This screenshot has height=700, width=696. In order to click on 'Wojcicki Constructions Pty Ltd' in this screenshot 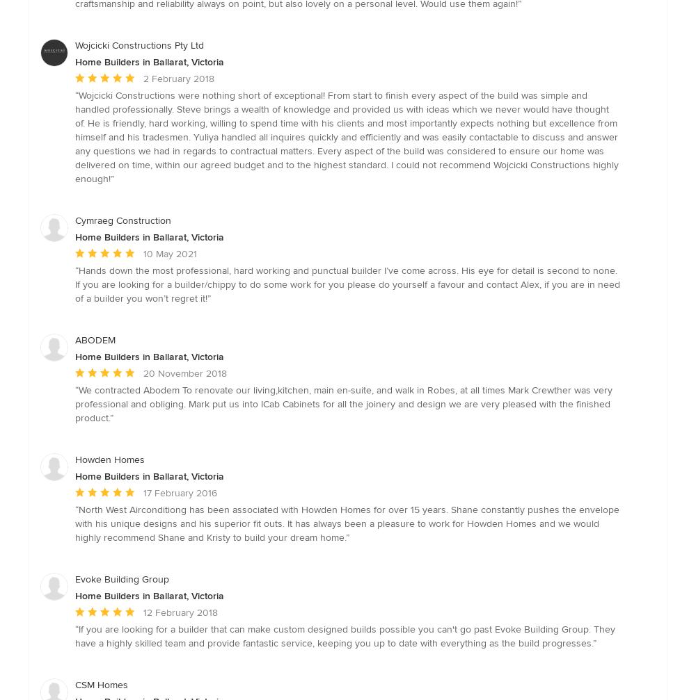, I will do `click(74, 44)`.